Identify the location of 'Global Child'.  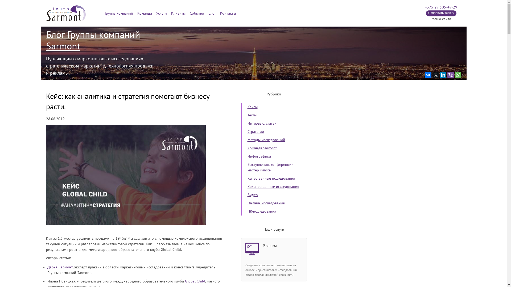
(185, 281).